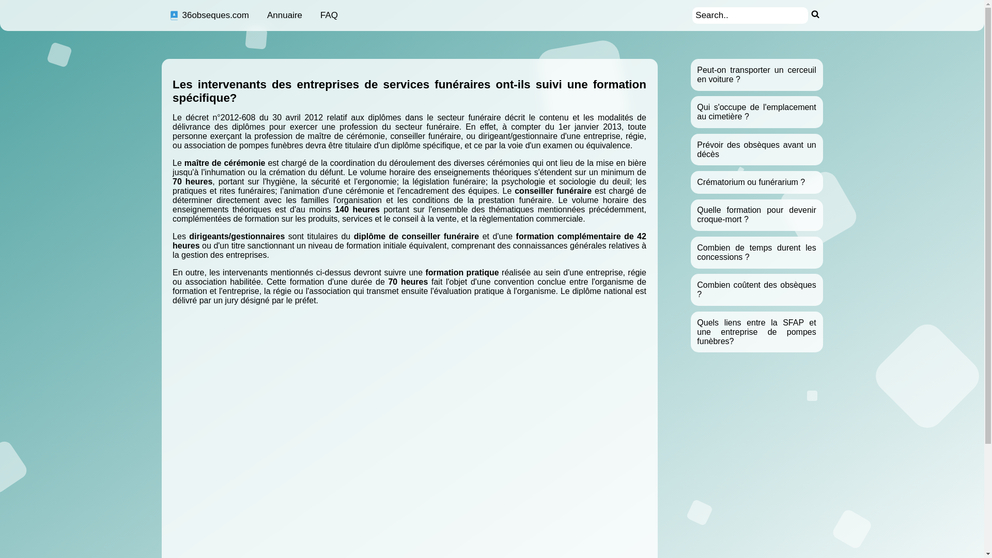 This screenshot has height=558, width=992. What do you see at coordinates (208, 16) in the screenshot?
I see `'36obseques.com'` at bounding box center [208, 16].